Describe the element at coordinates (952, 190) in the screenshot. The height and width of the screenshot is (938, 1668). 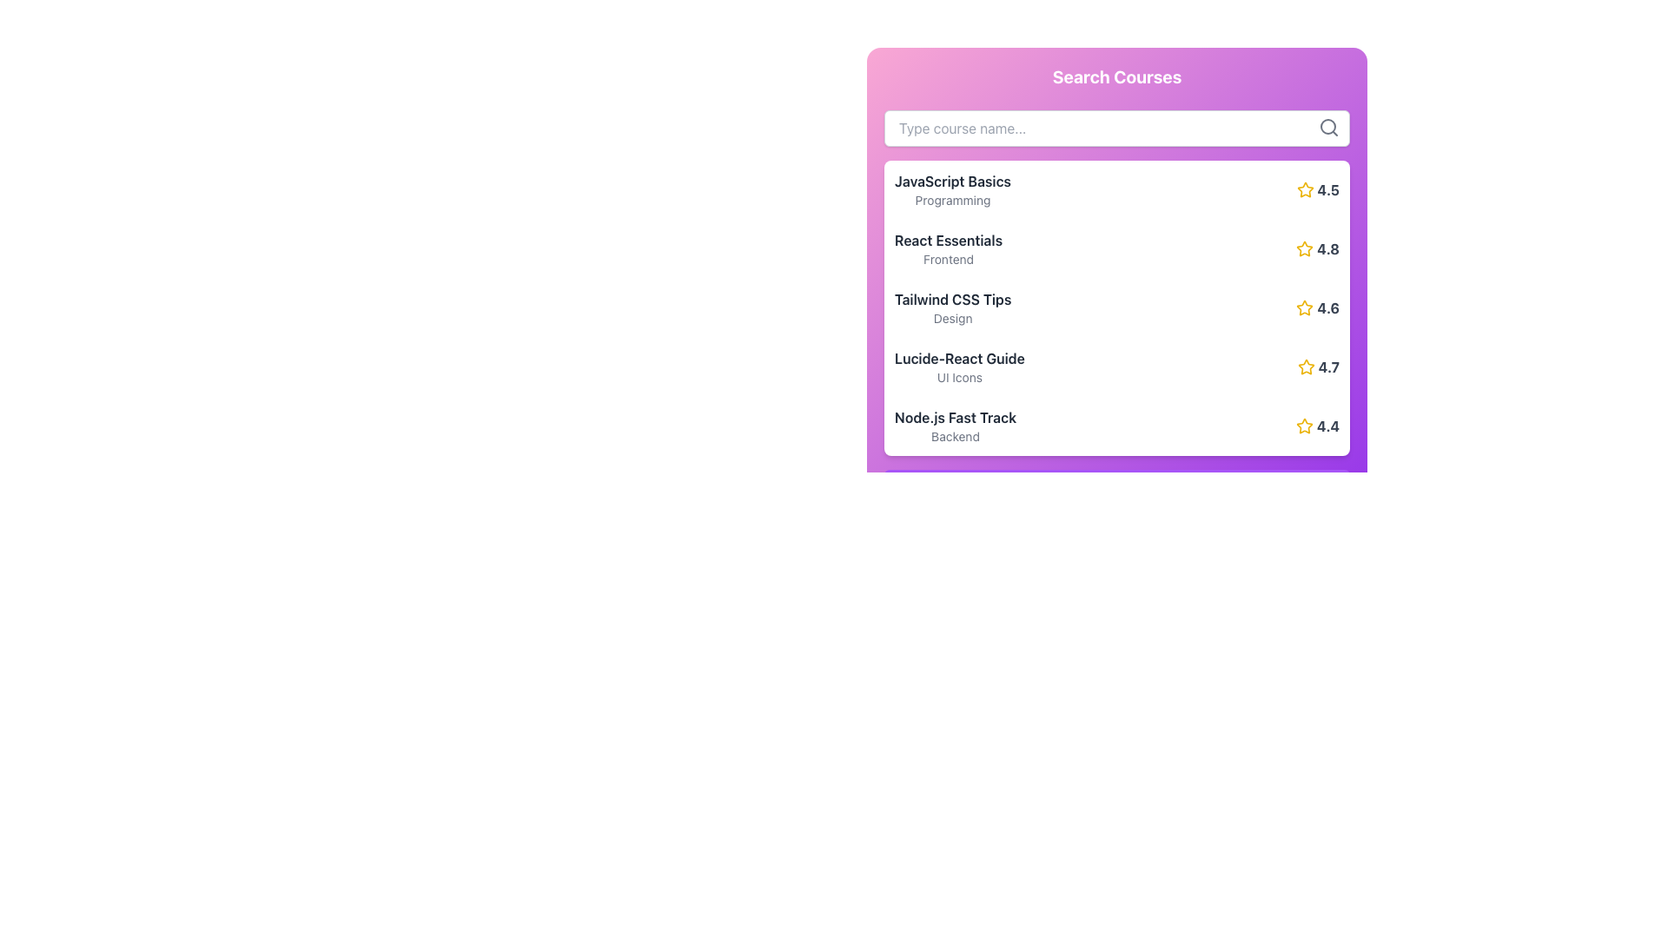
I see `the Text component that describes a course or item in the list, positioned below the search bar and aligned with a rating (4.5) on its right` at that location.